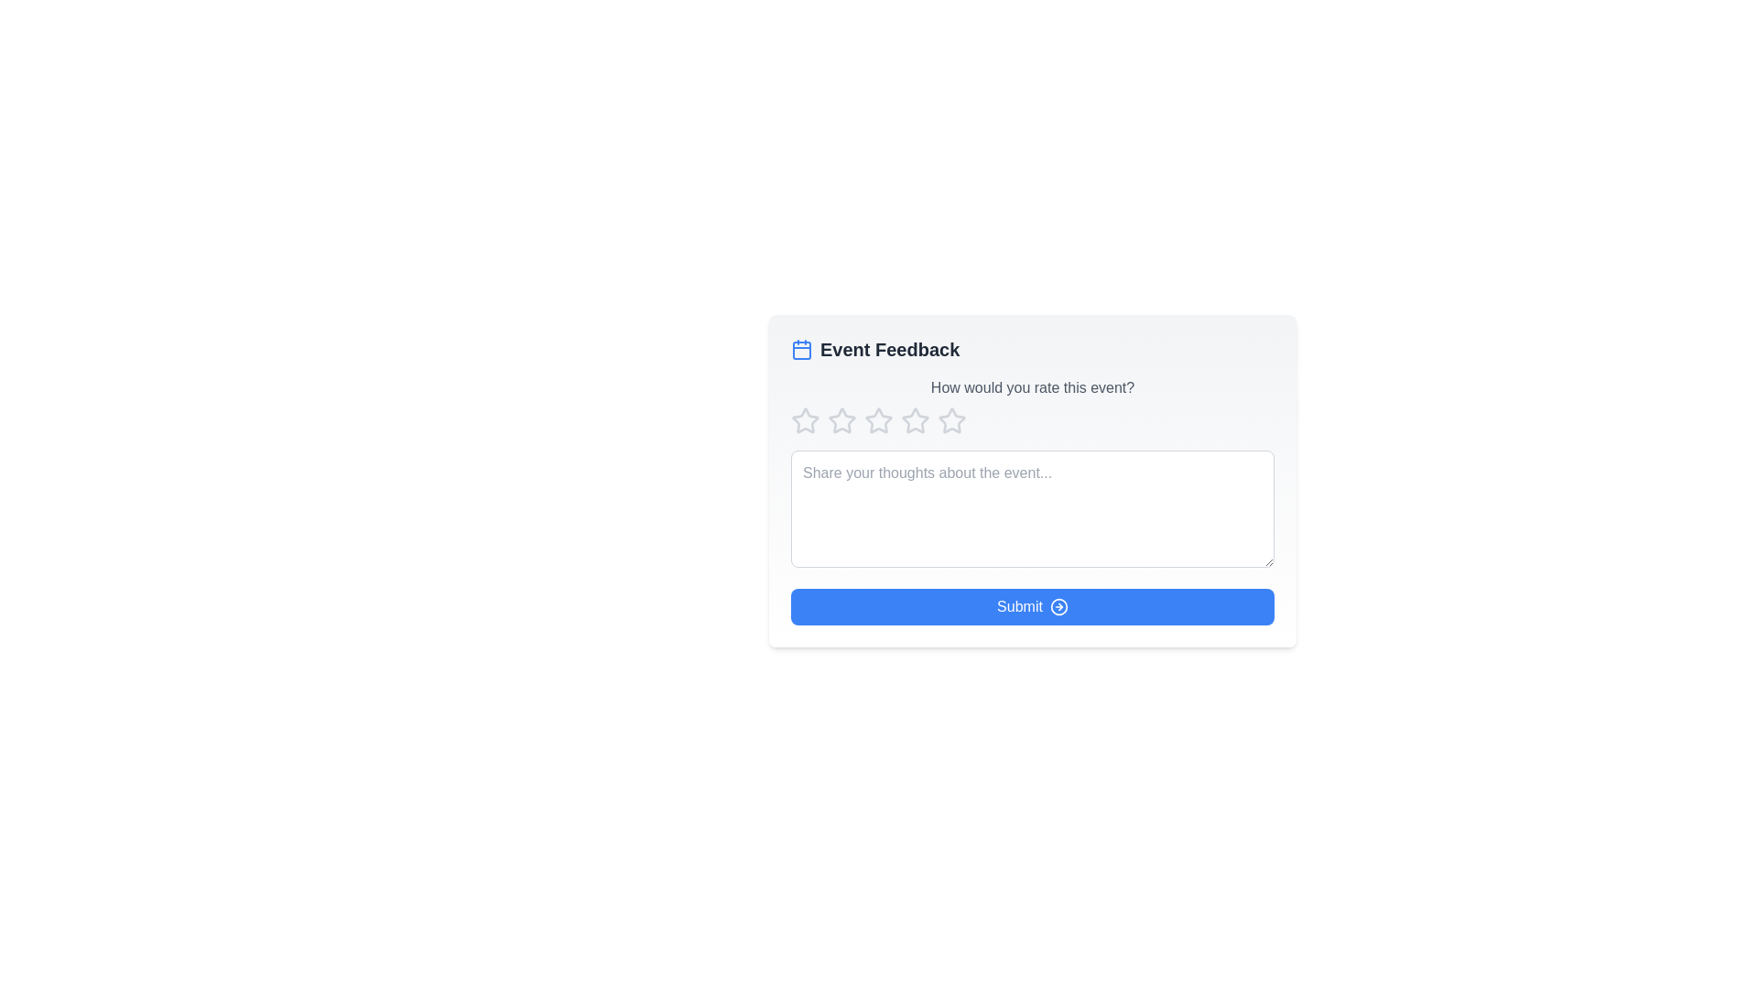  Describe the element at coordinates (952, 420) in the screenshot. I see `the fifth star-shaped icon used for rating, located below the title 'Event Feedback' and the question 'How would you rate this event?'` at that location.